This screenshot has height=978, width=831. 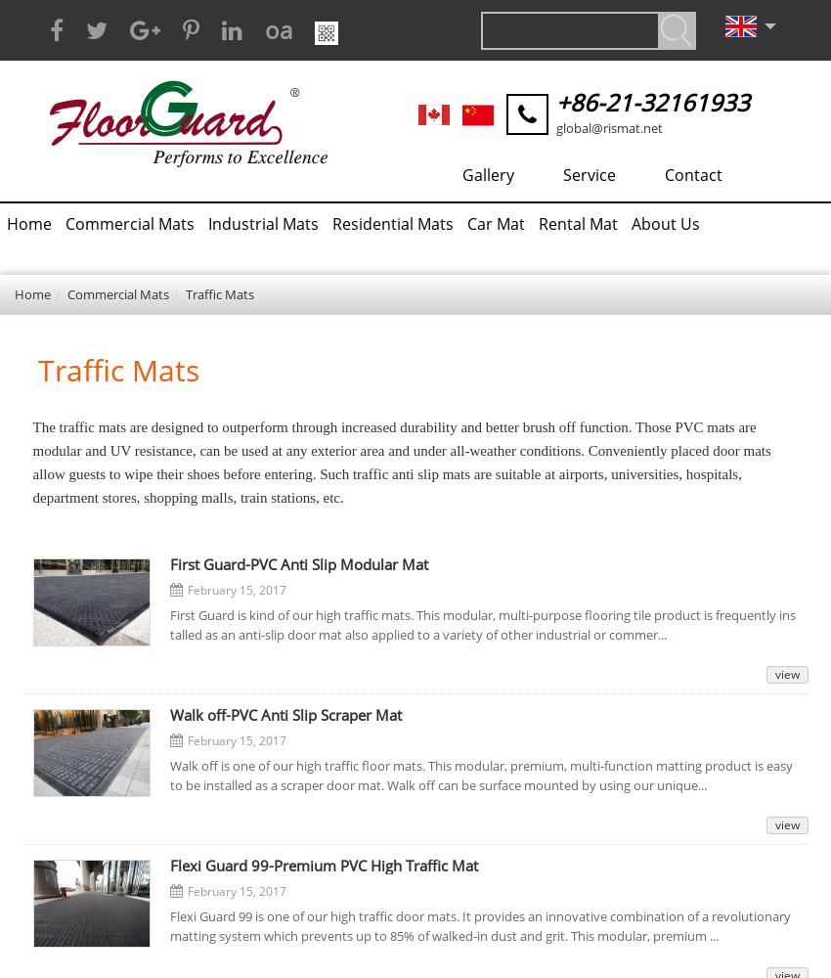 I want to click on 'First Guard-PVC Anti Slip Modular Mat', so click(x=297, y=563).